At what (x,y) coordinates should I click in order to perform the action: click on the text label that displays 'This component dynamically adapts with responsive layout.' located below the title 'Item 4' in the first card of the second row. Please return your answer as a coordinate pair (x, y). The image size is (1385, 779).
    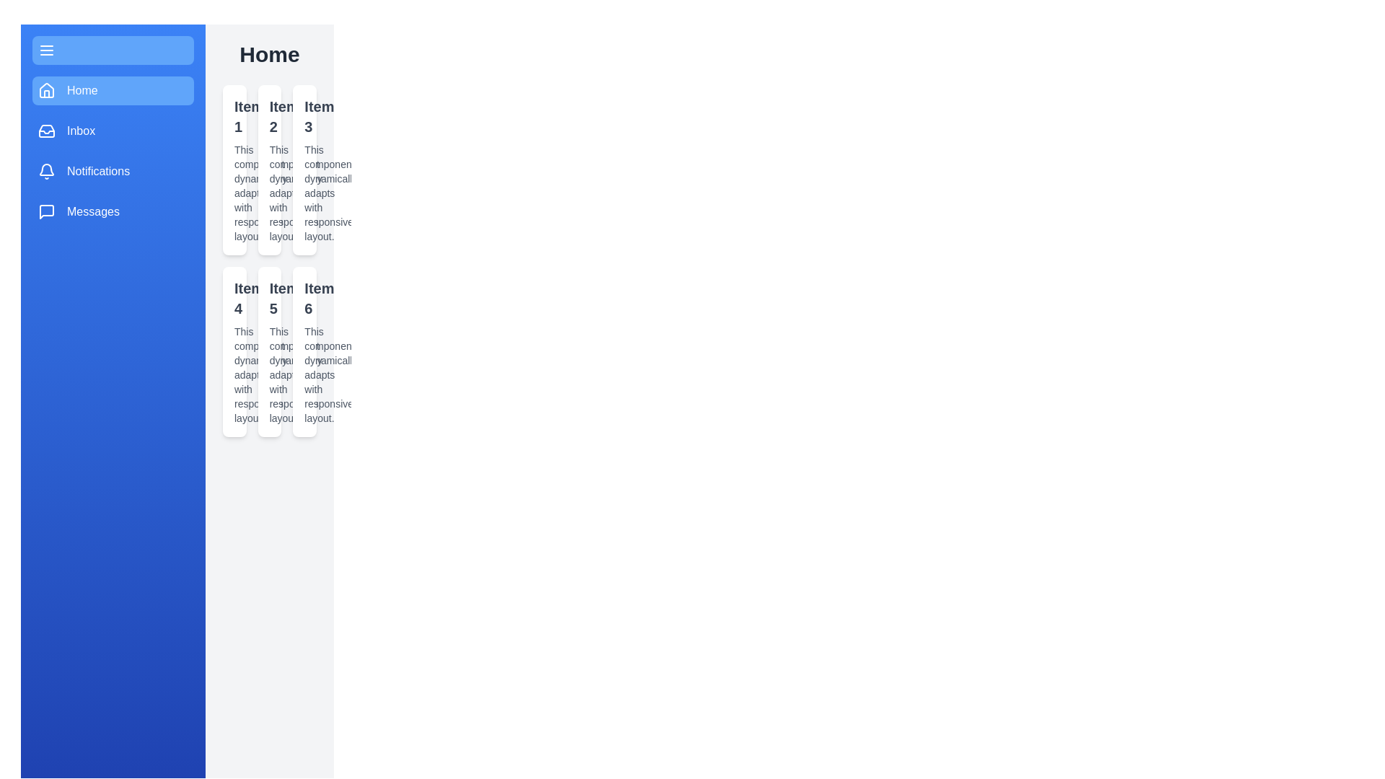
    Looking at the image, I should click on (234, 374).